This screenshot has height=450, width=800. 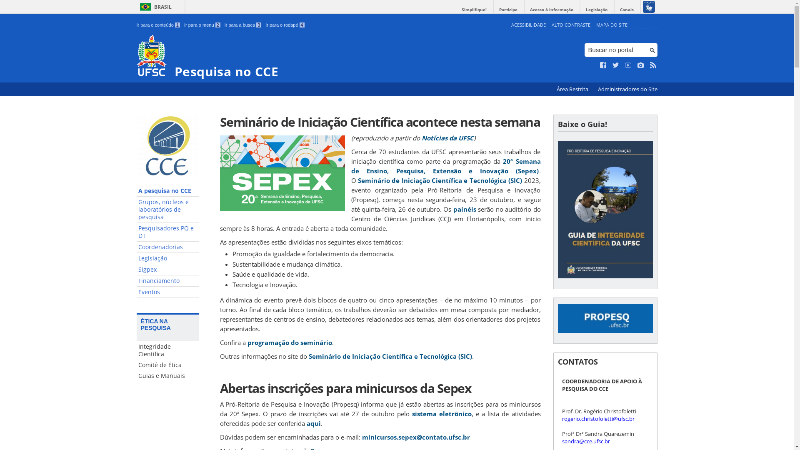 What do you see at coordinates (136, 191) in the screenshot?
I see `'A pesquisa no CCE'` at bounding box center [136, 191].